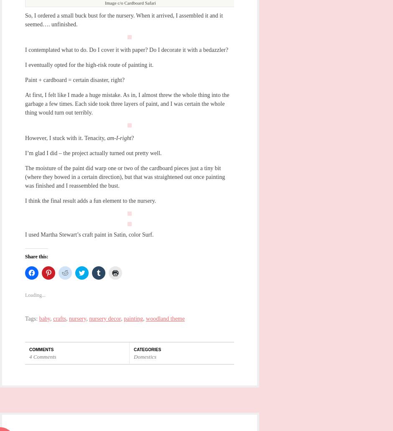  What do you see at coordinates (35, 294) in the screenshot?
I see `'Loading...'` at bounding box center [35, 294].